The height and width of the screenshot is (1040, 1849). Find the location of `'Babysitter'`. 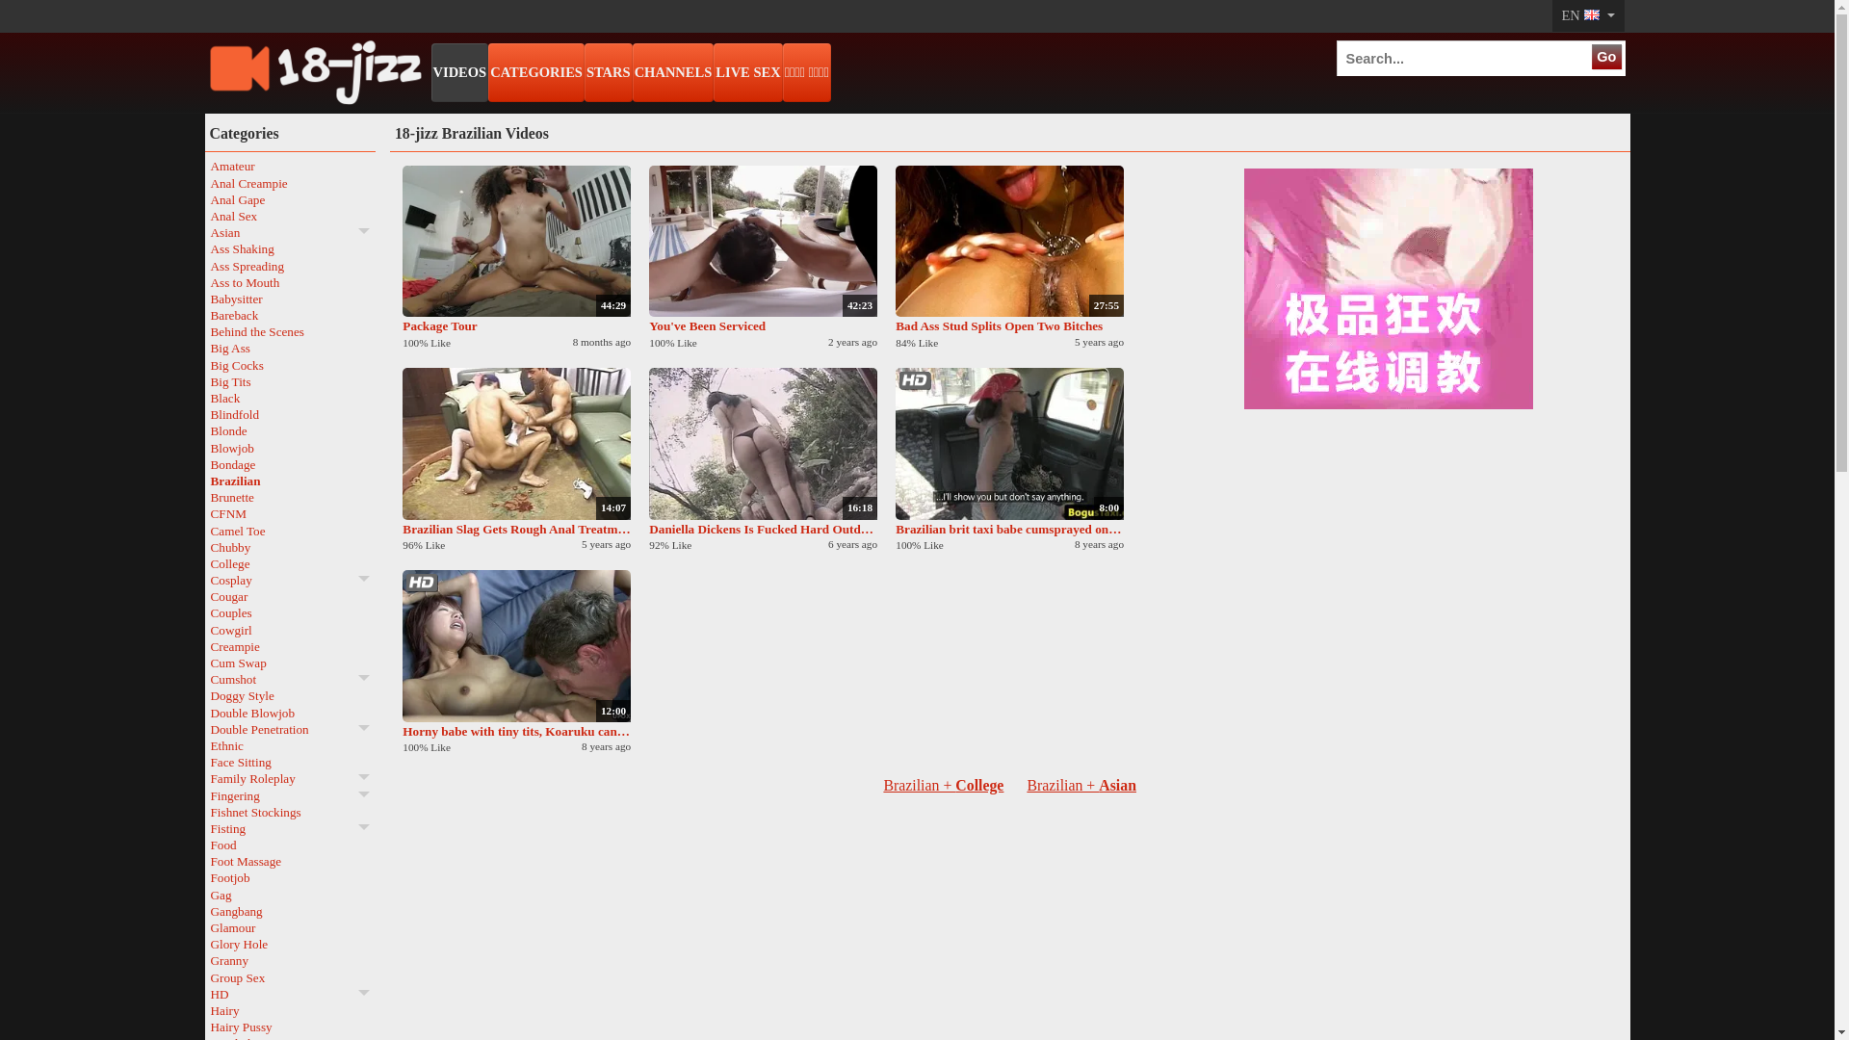

'Babysitter' is located at coordinates (289, 299).